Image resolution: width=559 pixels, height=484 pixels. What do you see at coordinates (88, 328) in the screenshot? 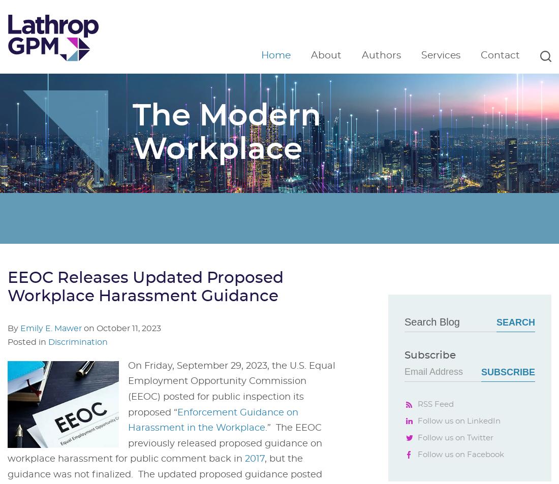
I see `'on'` at bounding box center [88, 328].